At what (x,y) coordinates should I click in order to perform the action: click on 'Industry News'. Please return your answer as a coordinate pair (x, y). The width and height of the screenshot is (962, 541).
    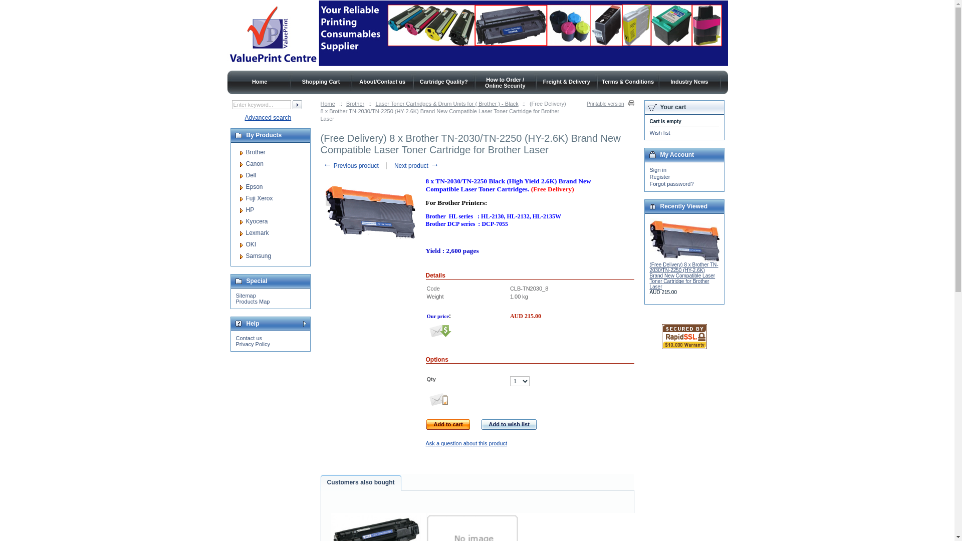
    Looking at the image, I should click on (688, 81).